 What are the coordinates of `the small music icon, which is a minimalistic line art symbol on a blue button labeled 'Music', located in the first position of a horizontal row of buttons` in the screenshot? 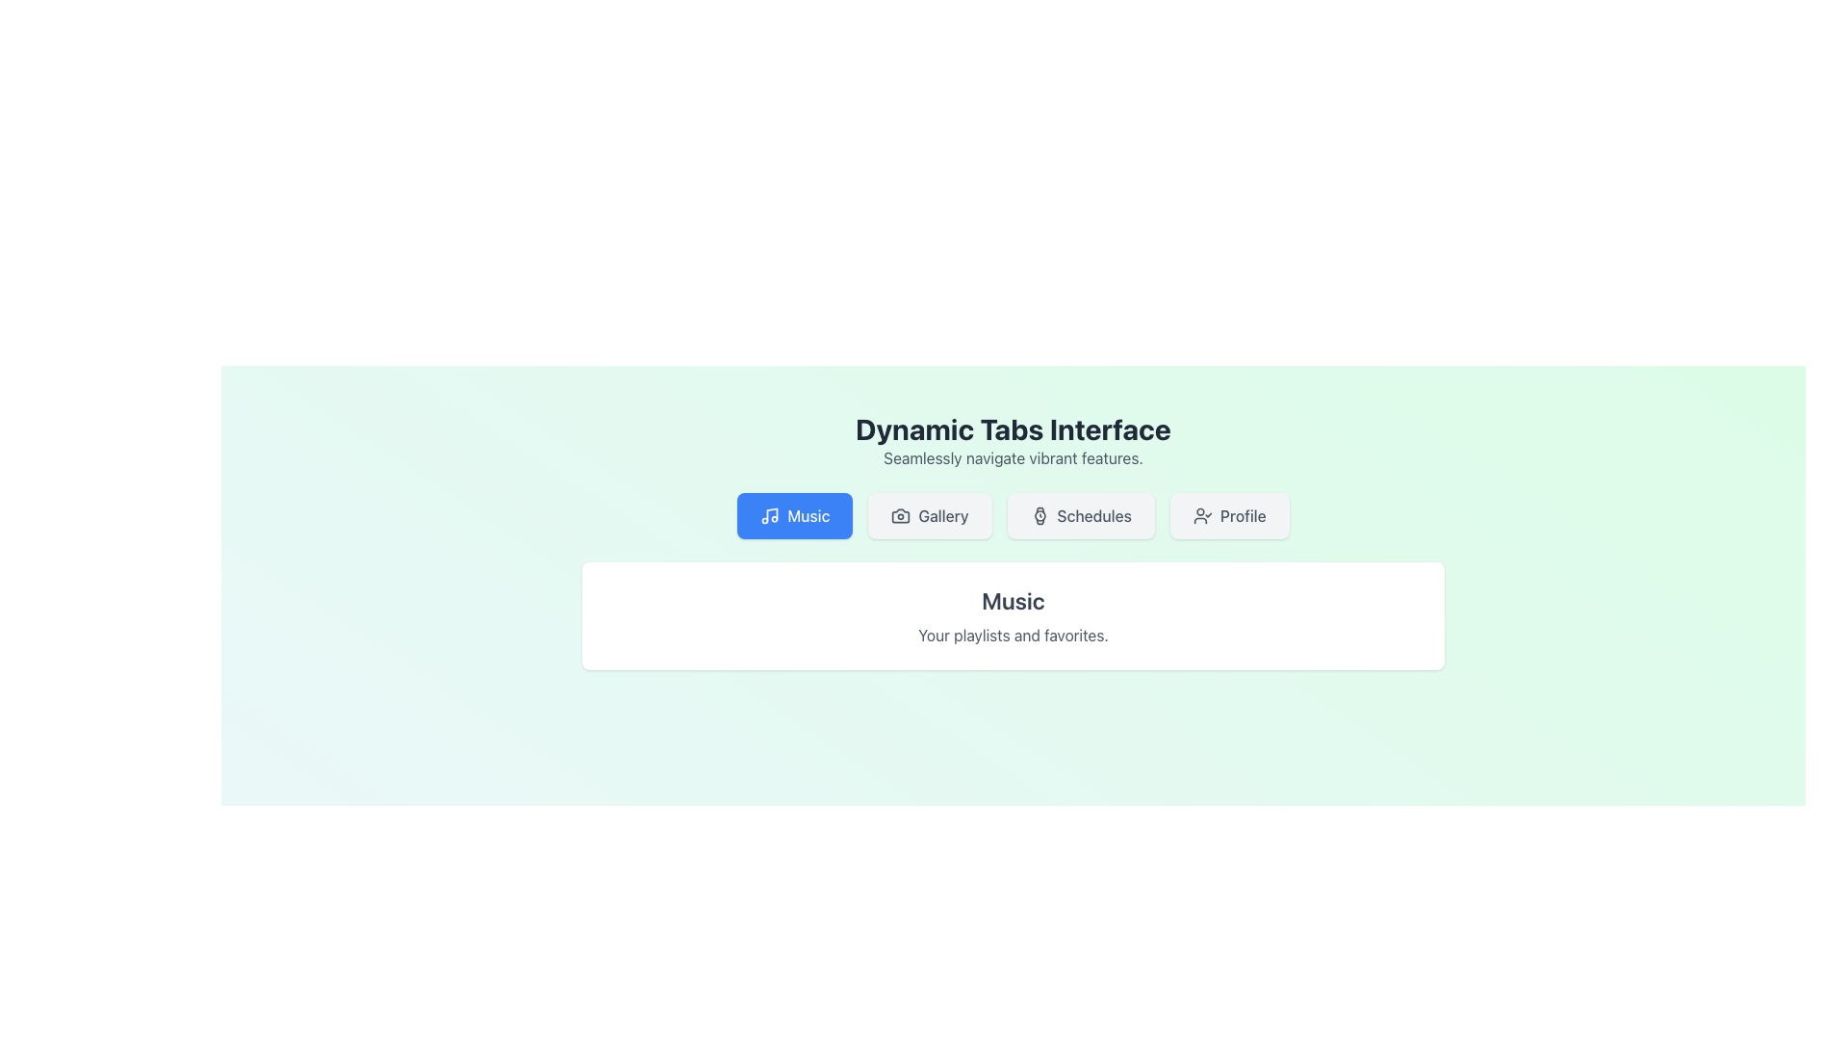 It's located at (770, 515).